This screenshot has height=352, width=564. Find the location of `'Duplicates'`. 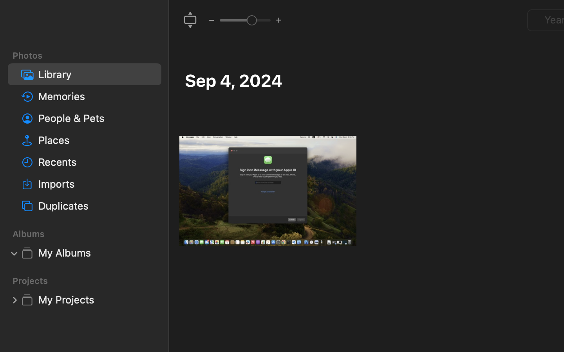

'Duplicates' is located at coordinates (96, 205).